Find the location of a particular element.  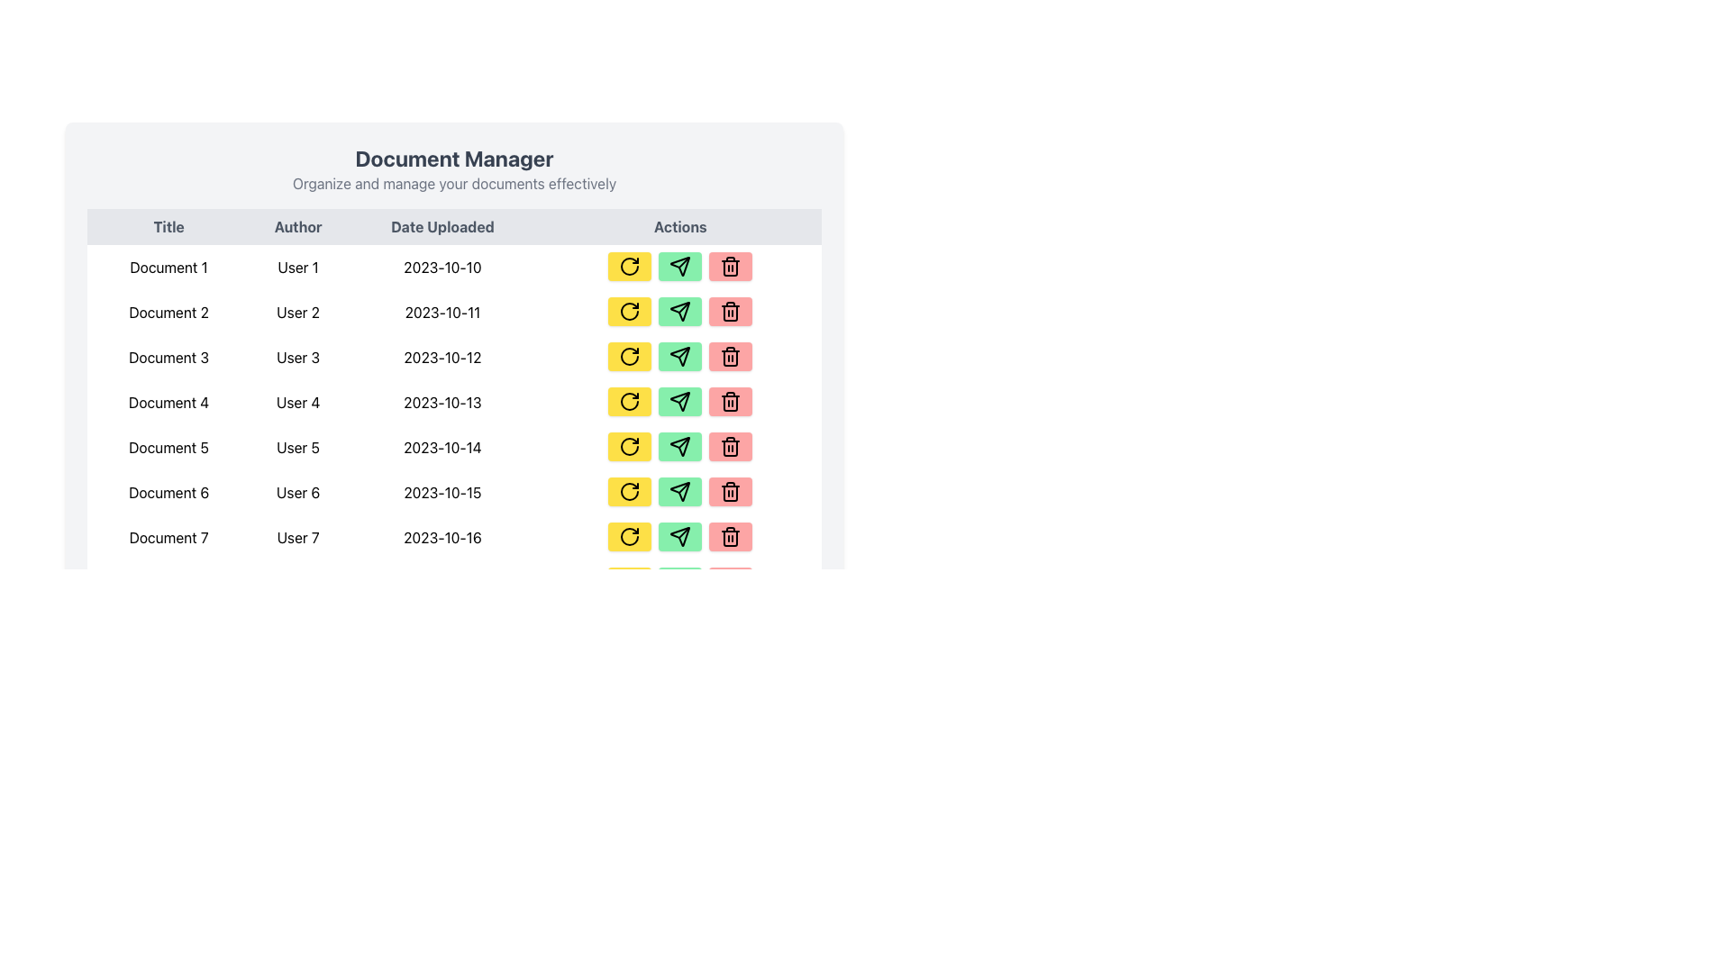

the green rectangular button with rounded corners and a paper airplane icon, located in the 'Actions' column of the last row of the table, to experience the hover effect is located at coordinates (679, 536).